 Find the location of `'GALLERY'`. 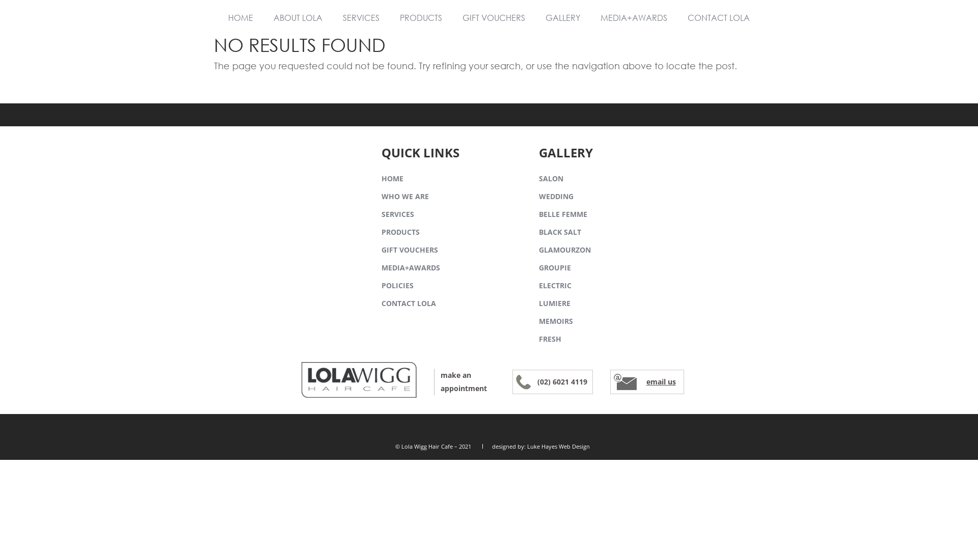

'GALLERY' is located at coordinates (562, 17).